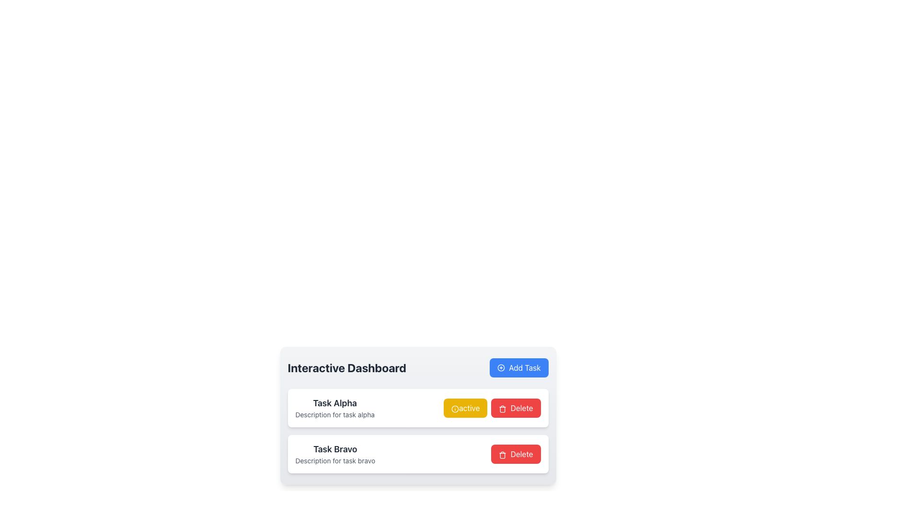 Image resolution: width=920 pixels, height=518 pixels. What do you see at coordinates (515, 454) in the screenshot?
I see `the delete button located at the right side of the task row labeled 'Task Bravo' in the interactive dashboard` at bounding box center [515, 454].